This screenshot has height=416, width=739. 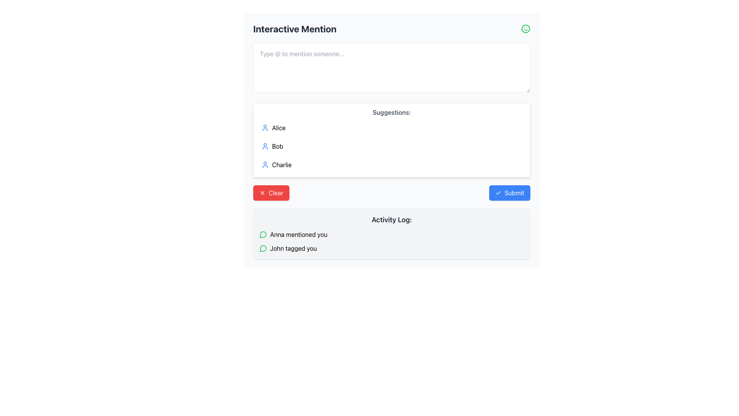 What do you see at coordinates (277, 146) in the screenshot?
I see `the second suggestion label 'Bob' in the list of suggestions below the 'Interactive Mention' input area` at bounding box center [277, 146].